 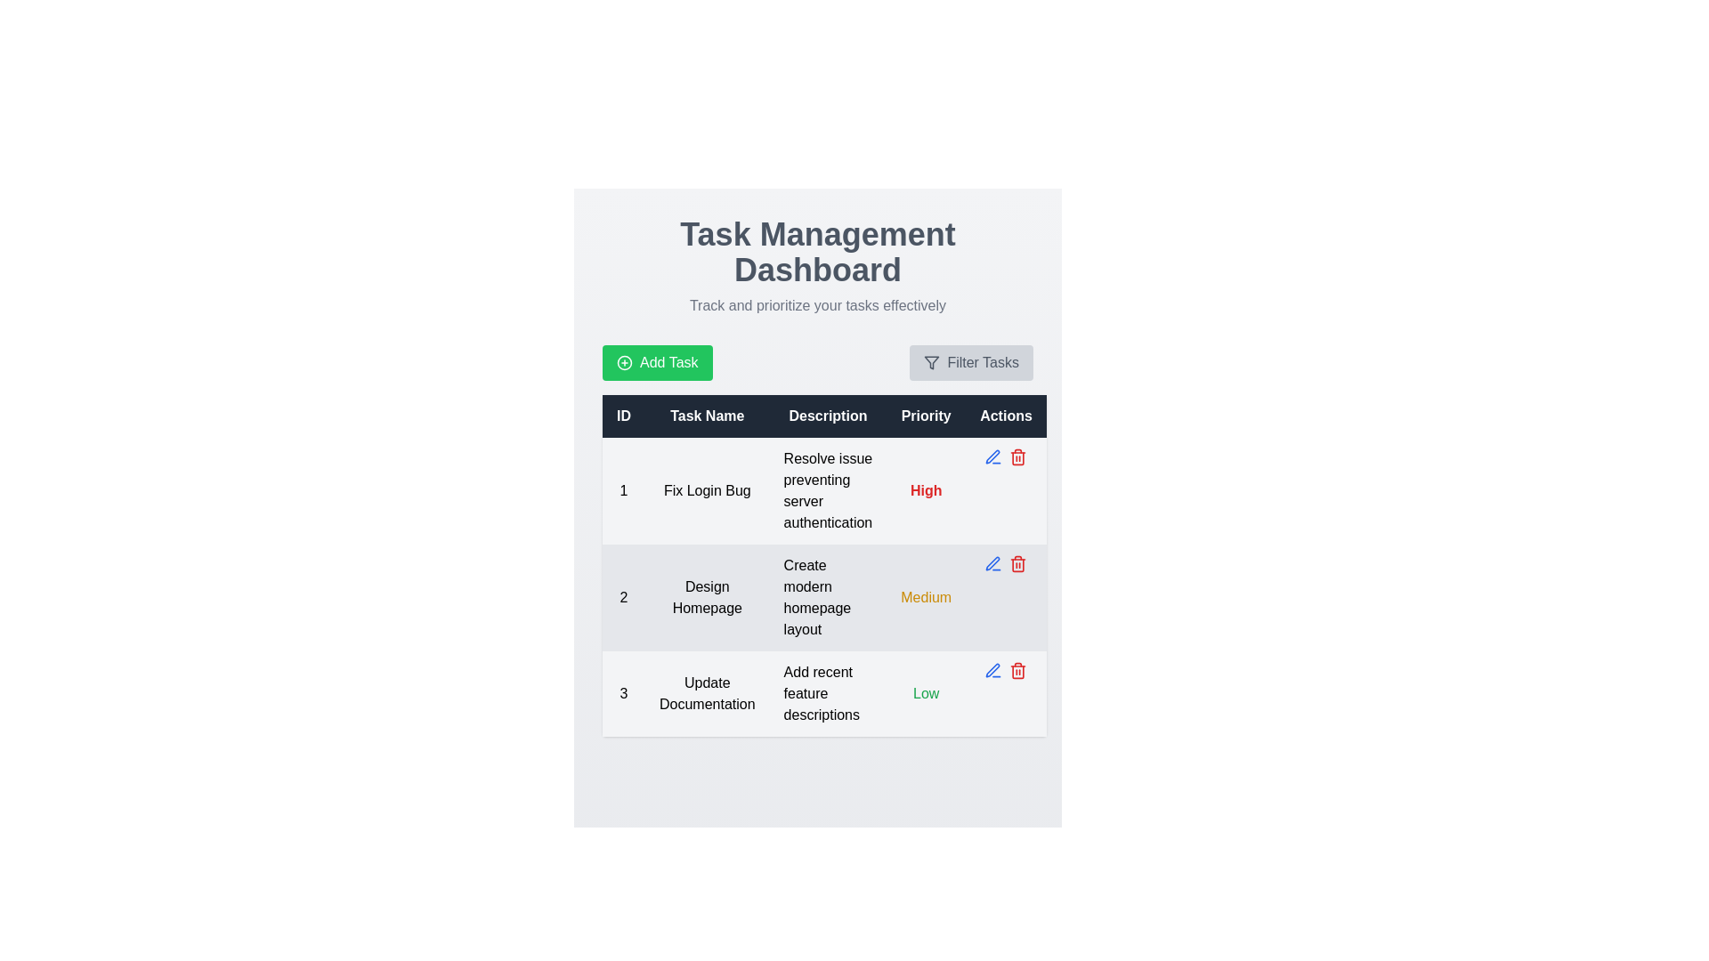 I want to click on the red, bold text label displaying 'High' located in the first row under the 'Priority' column of the task 'Fix Login Bug', so click(x=926, y=490).